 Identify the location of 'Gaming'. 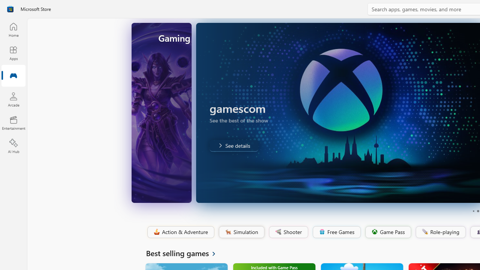
(13, 76).